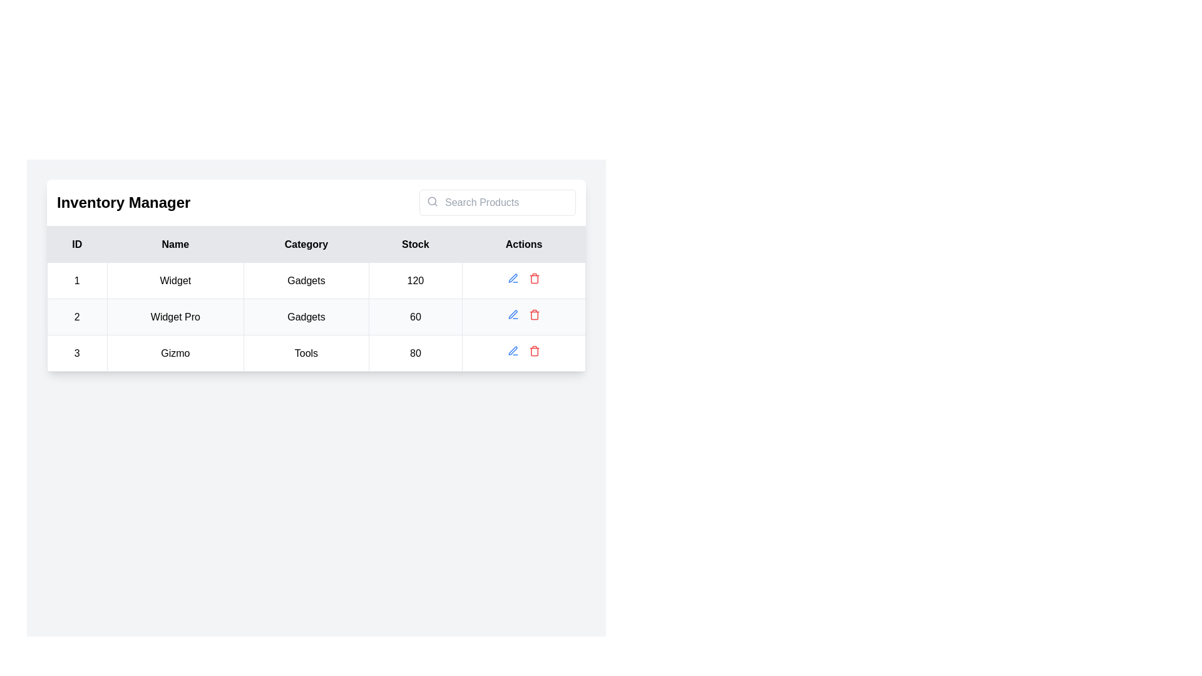 The height and width of the screenshot is (676, 1202). Describe the element at coordinates (175, 244) in the screenshot. I see `the 'Name' text label, which is a rectangular element with bold black text on a light gray background, positioned between the 'ID' and 'Category' headers` at that location.